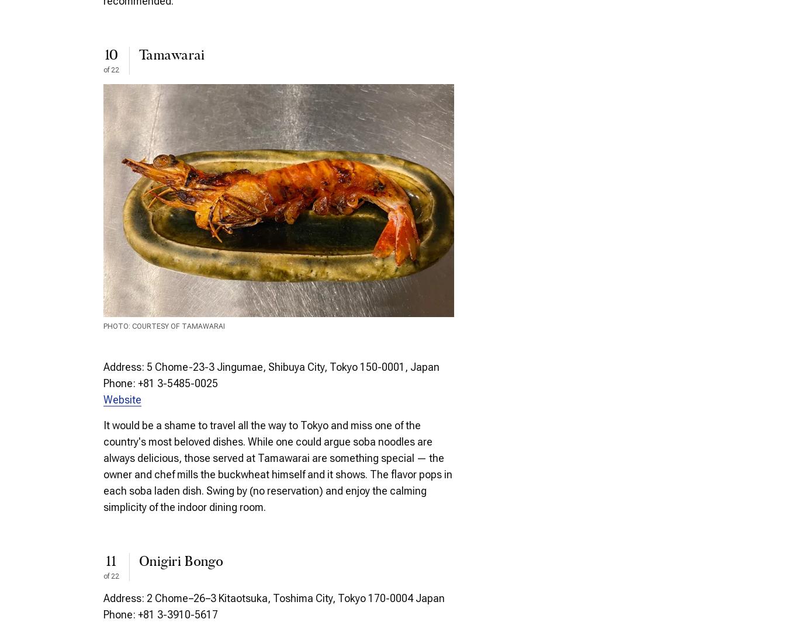 This screenshot has width=789, height=626. I want to click on 'Phone: +81 3-5485-0025', so click(160, 383).